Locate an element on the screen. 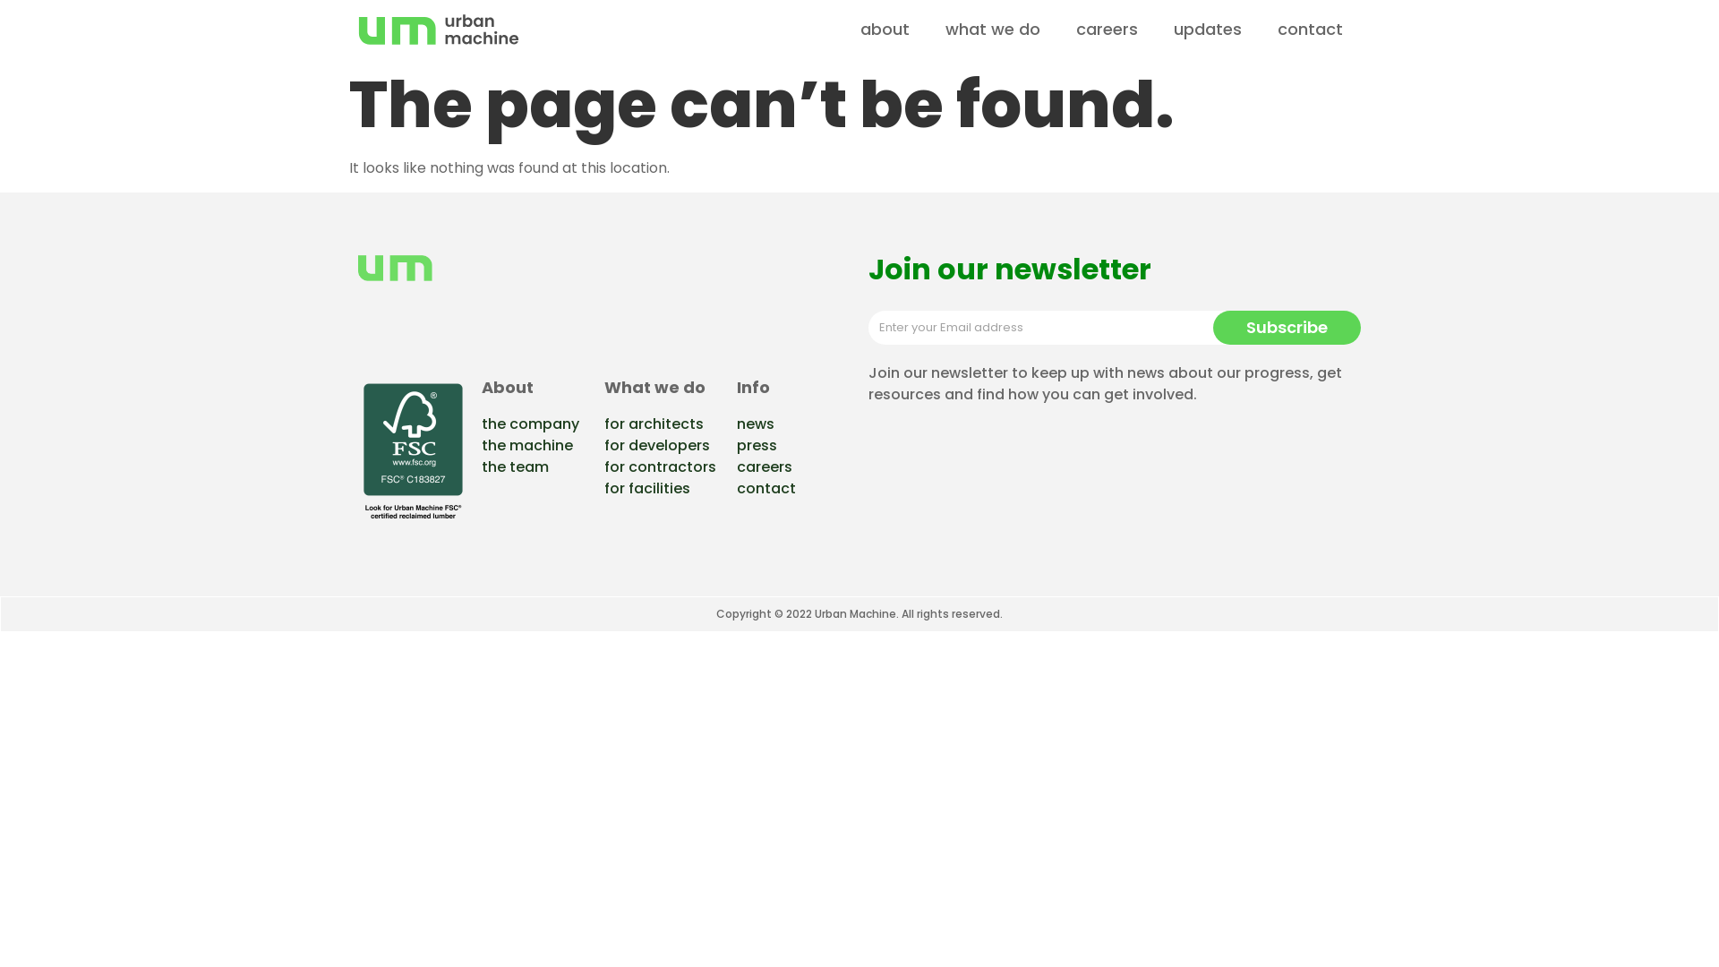  'press' is located at coordinates (756, 444).